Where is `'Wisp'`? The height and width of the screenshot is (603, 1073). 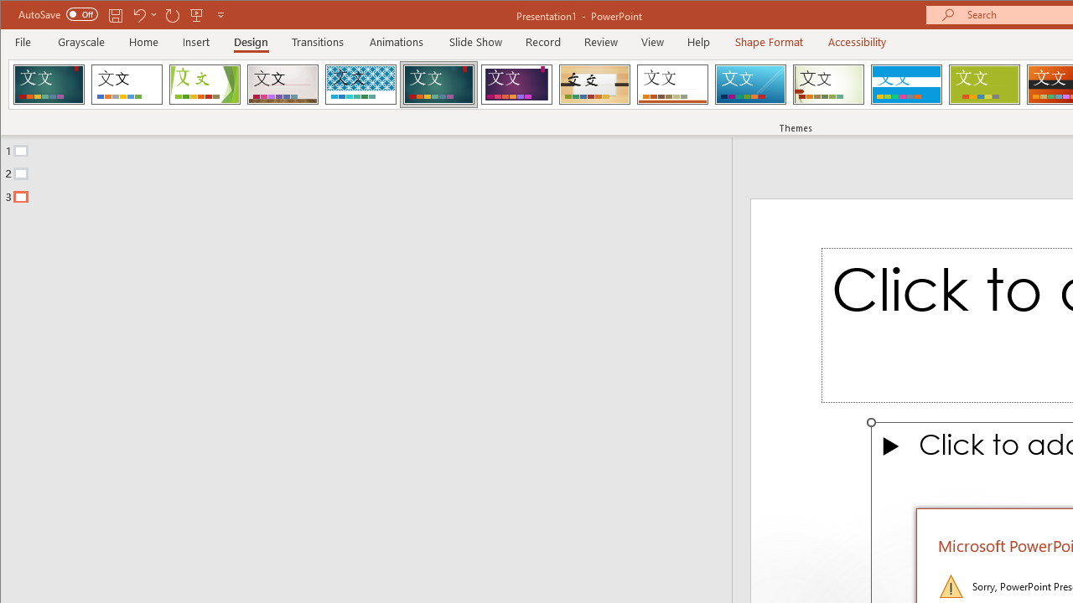
'Wisp' is located at coordinates (828, 84).